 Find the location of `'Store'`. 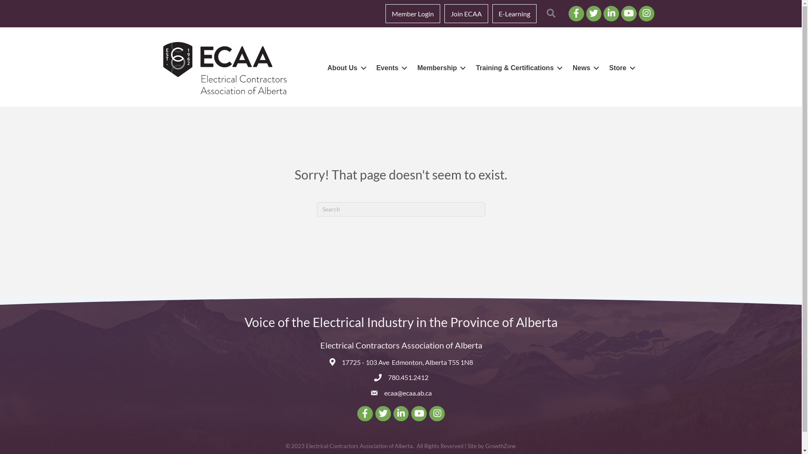

'Store' is located at coordinates (621, 67).